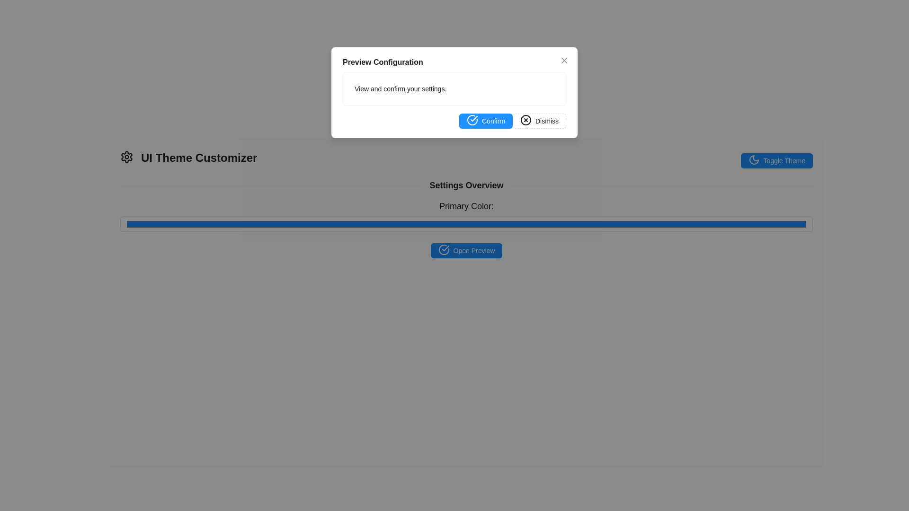  Describe the element at coordinates (126, 156) in the screenshot. I see `the settings icon for accessing UI theme customization options, located to the left of the 'UI Theme Customizer' text` at that location.